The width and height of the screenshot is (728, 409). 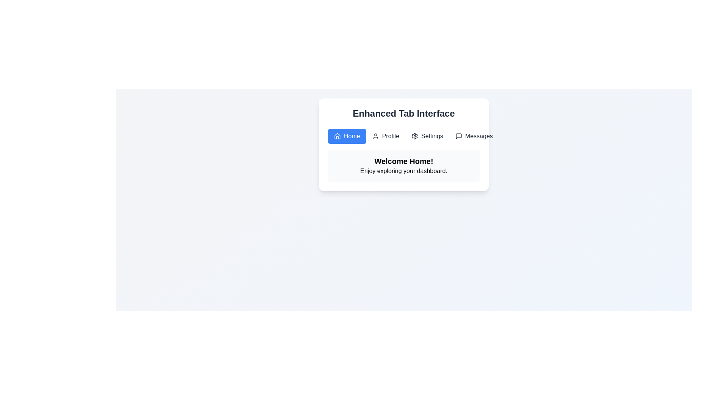 What do you see at coordinates (403, 165) in the screenshot?
I see `main body text from the text block that contains 'Welcome Home!' and 'Enjoy exploring your dashboard.'` at bounding box center [403, 165].